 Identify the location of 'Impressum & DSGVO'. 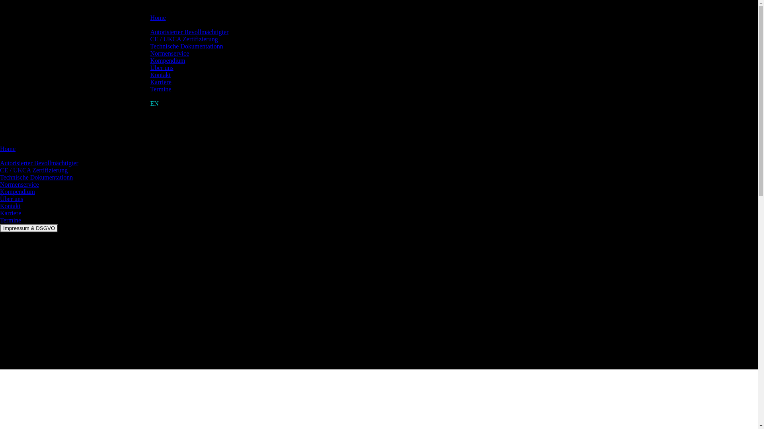
(29, 228).